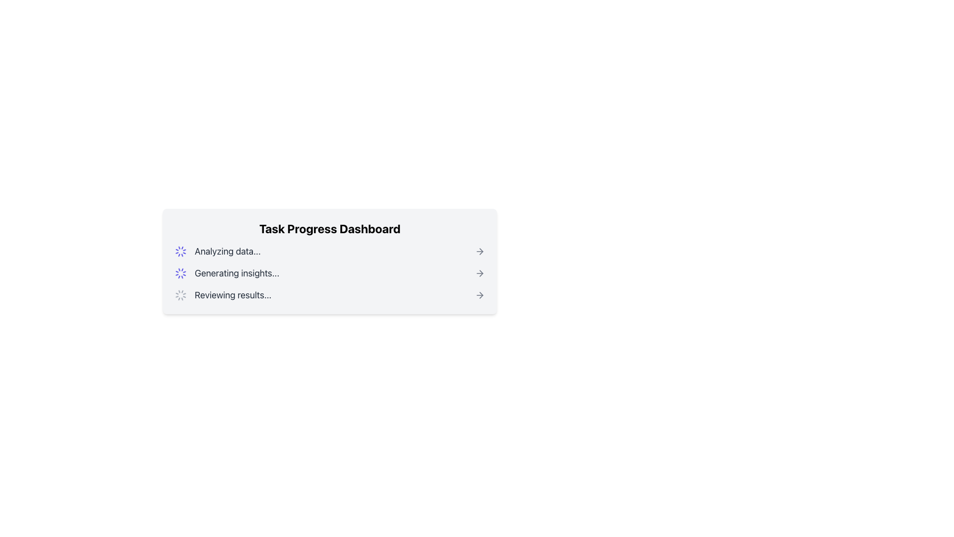  I want to click on the third arrow icon in the vertical list next to the text 'Generating insights...', so click(479, 273).